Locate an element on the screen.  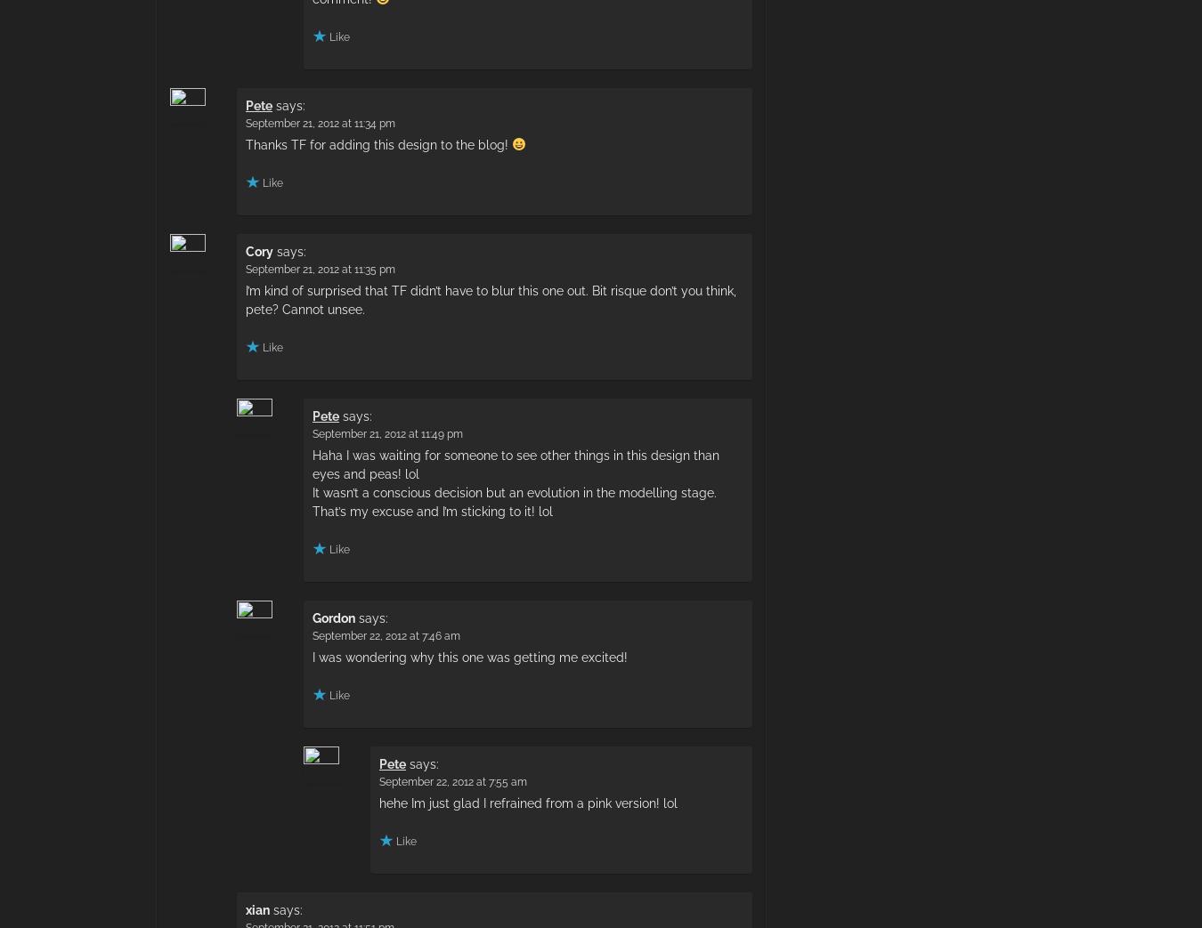
'September 22, 2012 at 7:46 am' is located at coordinates (313, 635).